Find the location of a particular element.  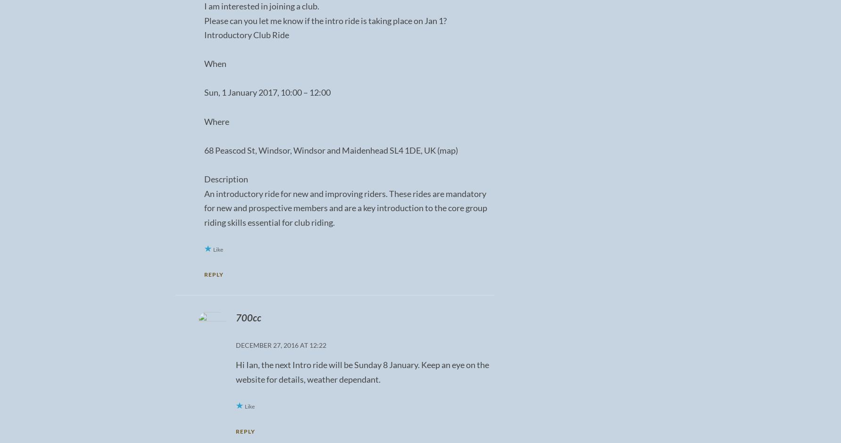

'Introductory Club Ride' is located at coordinates (246, 34).